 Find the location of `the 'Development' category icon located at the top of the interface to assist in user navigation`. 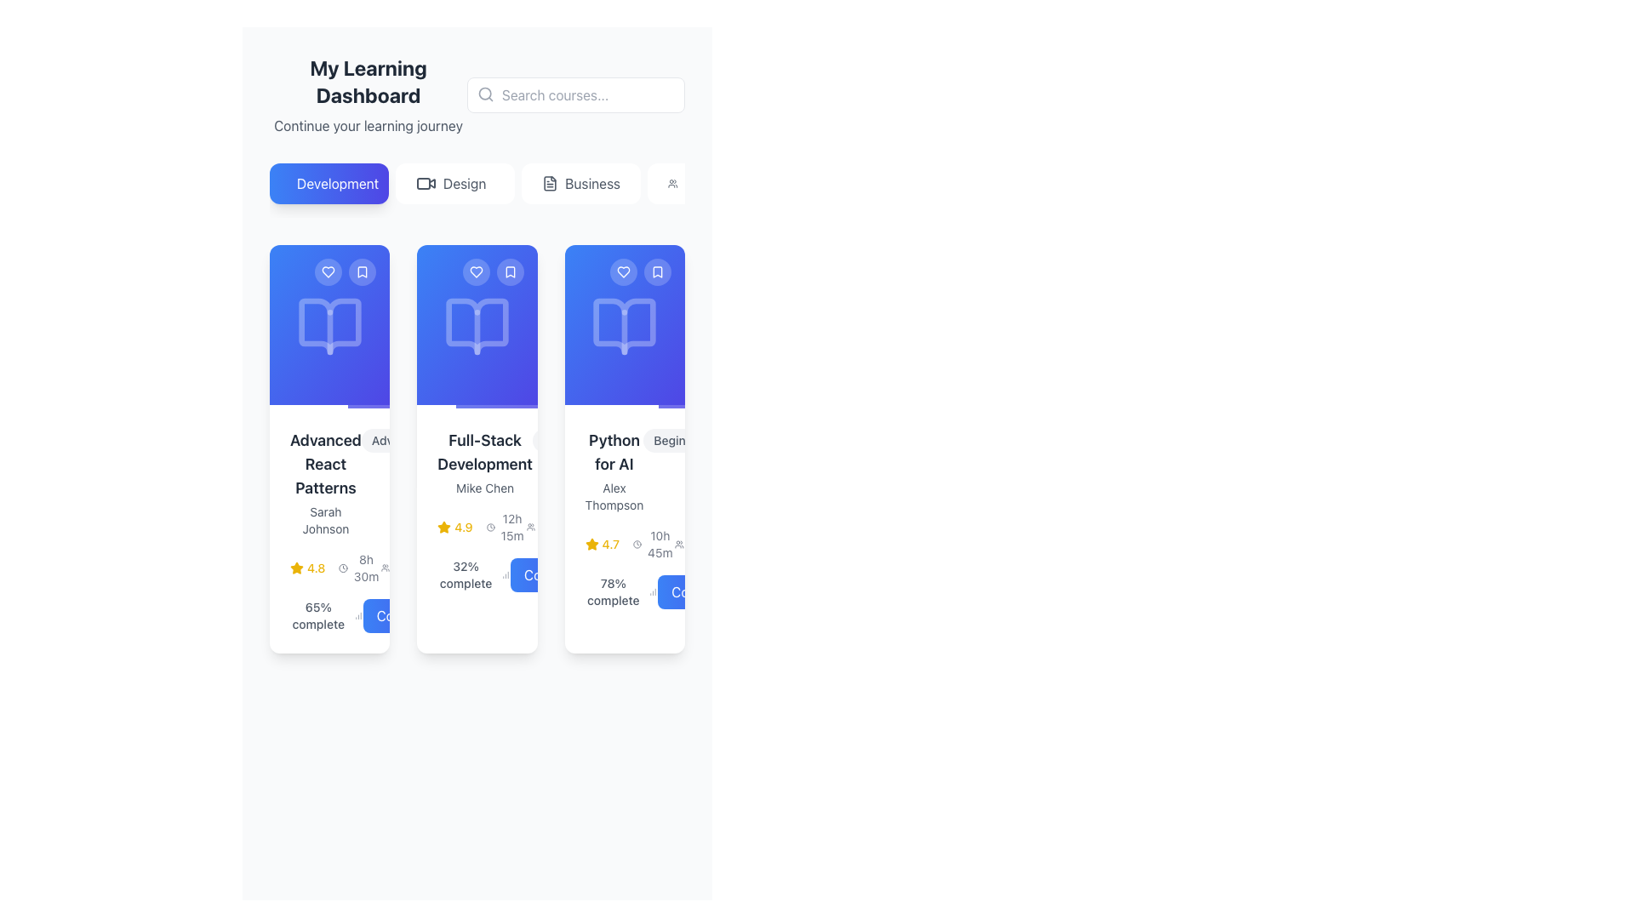

the 'Development' category icon located at the top of the interface to assist in user navigation is located at coordinates (300, 184).